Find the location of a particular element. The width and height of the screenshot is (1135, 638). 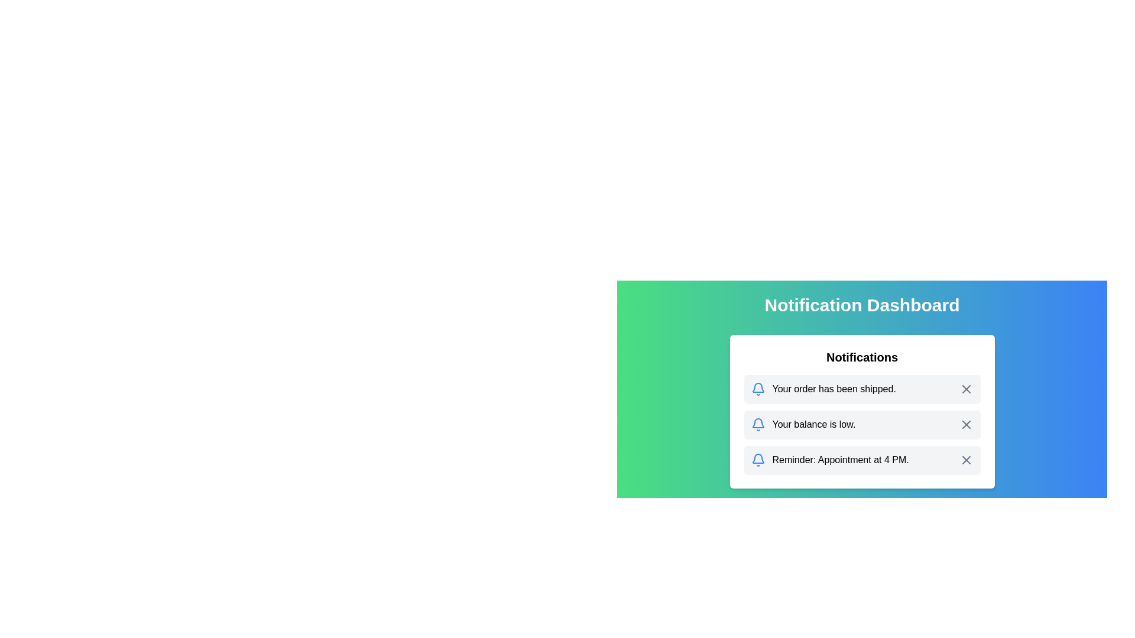

the close button (cross icon) located at the far right of the notification card containing the text 'Reminder: Appointment at 4 PM.' is located at coordinates (966, 460).